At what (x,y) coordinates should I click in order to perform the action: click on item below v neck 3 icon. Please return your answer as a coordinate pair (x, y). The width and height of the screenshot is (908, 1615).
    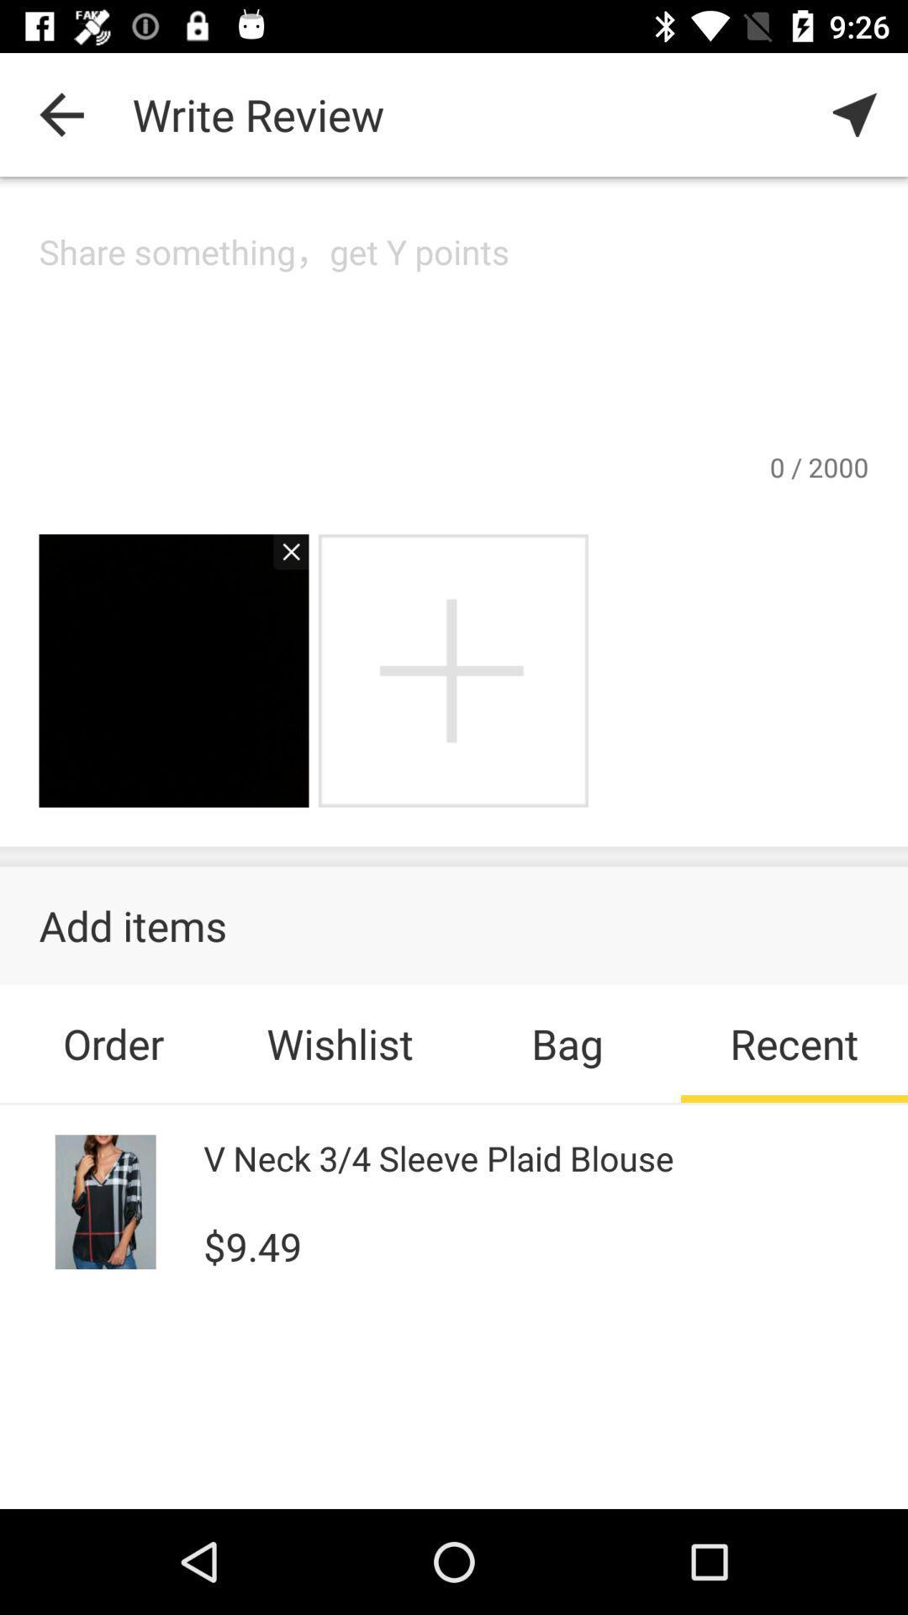
    Looking at the image, I should click on (252, 1244).